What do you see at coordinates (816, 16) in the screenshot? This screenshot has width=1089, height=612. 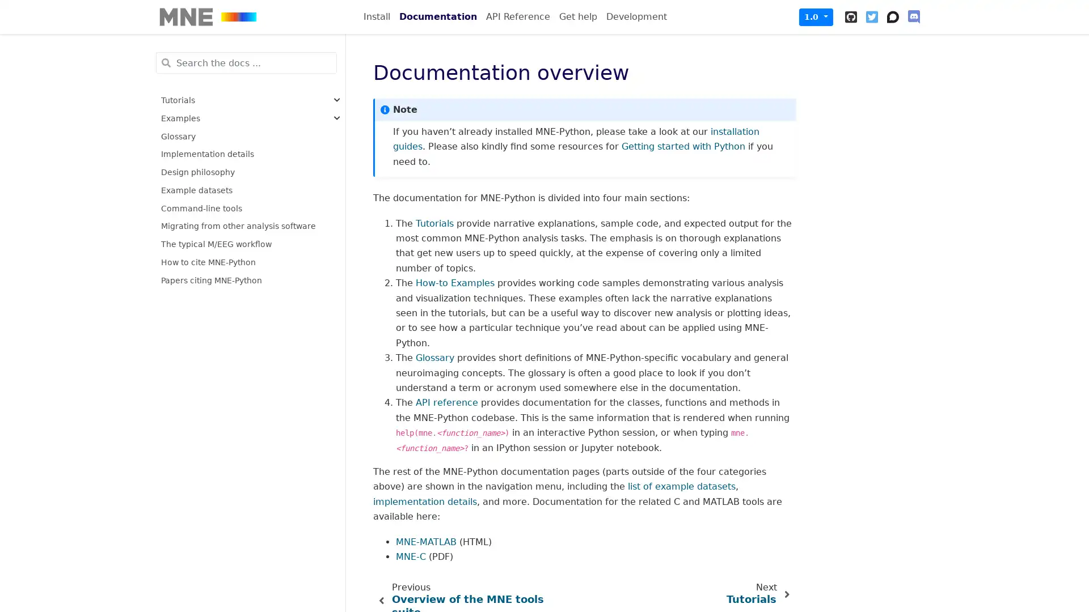 I see `1.0` at bounding box center [816, 16].